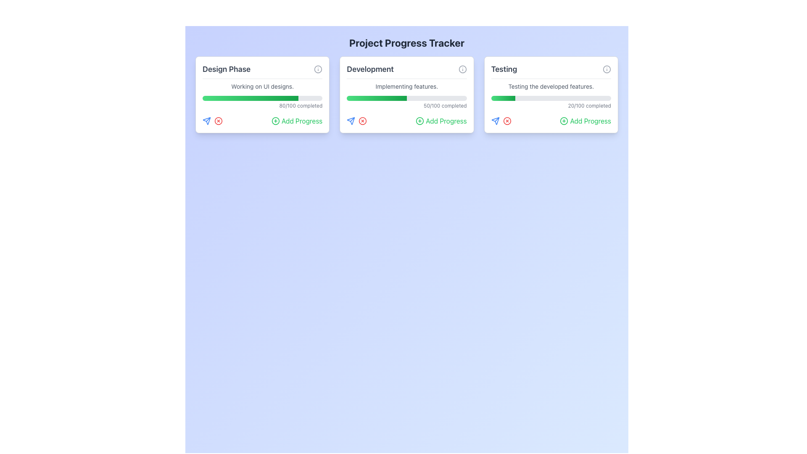  I want to click on the Icon Button located under the 'Add Progress' label in the 'Development' card, so click(420, 121).